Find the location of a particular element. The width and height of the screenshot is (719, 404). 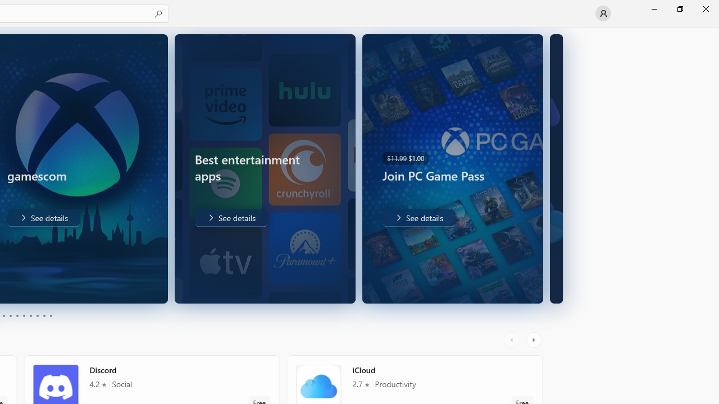

'Page 10' is located at coordinates (50, 316).